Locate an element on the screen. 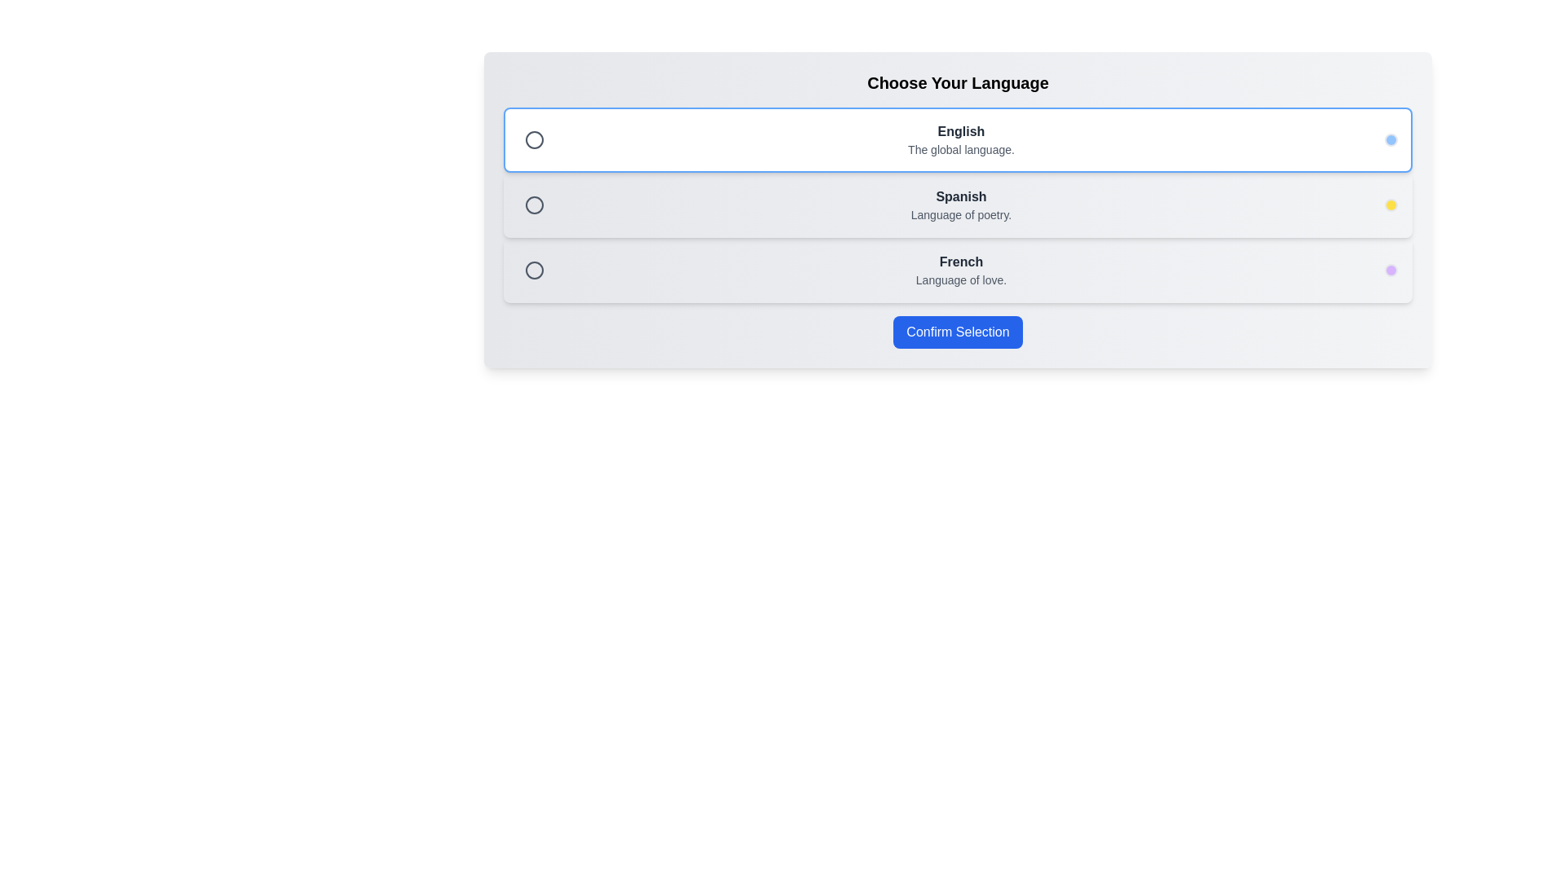 The image size is (1565, 880). the circular radio button associated with the 'Spanish' language selection is located at coordinates (535, 204).